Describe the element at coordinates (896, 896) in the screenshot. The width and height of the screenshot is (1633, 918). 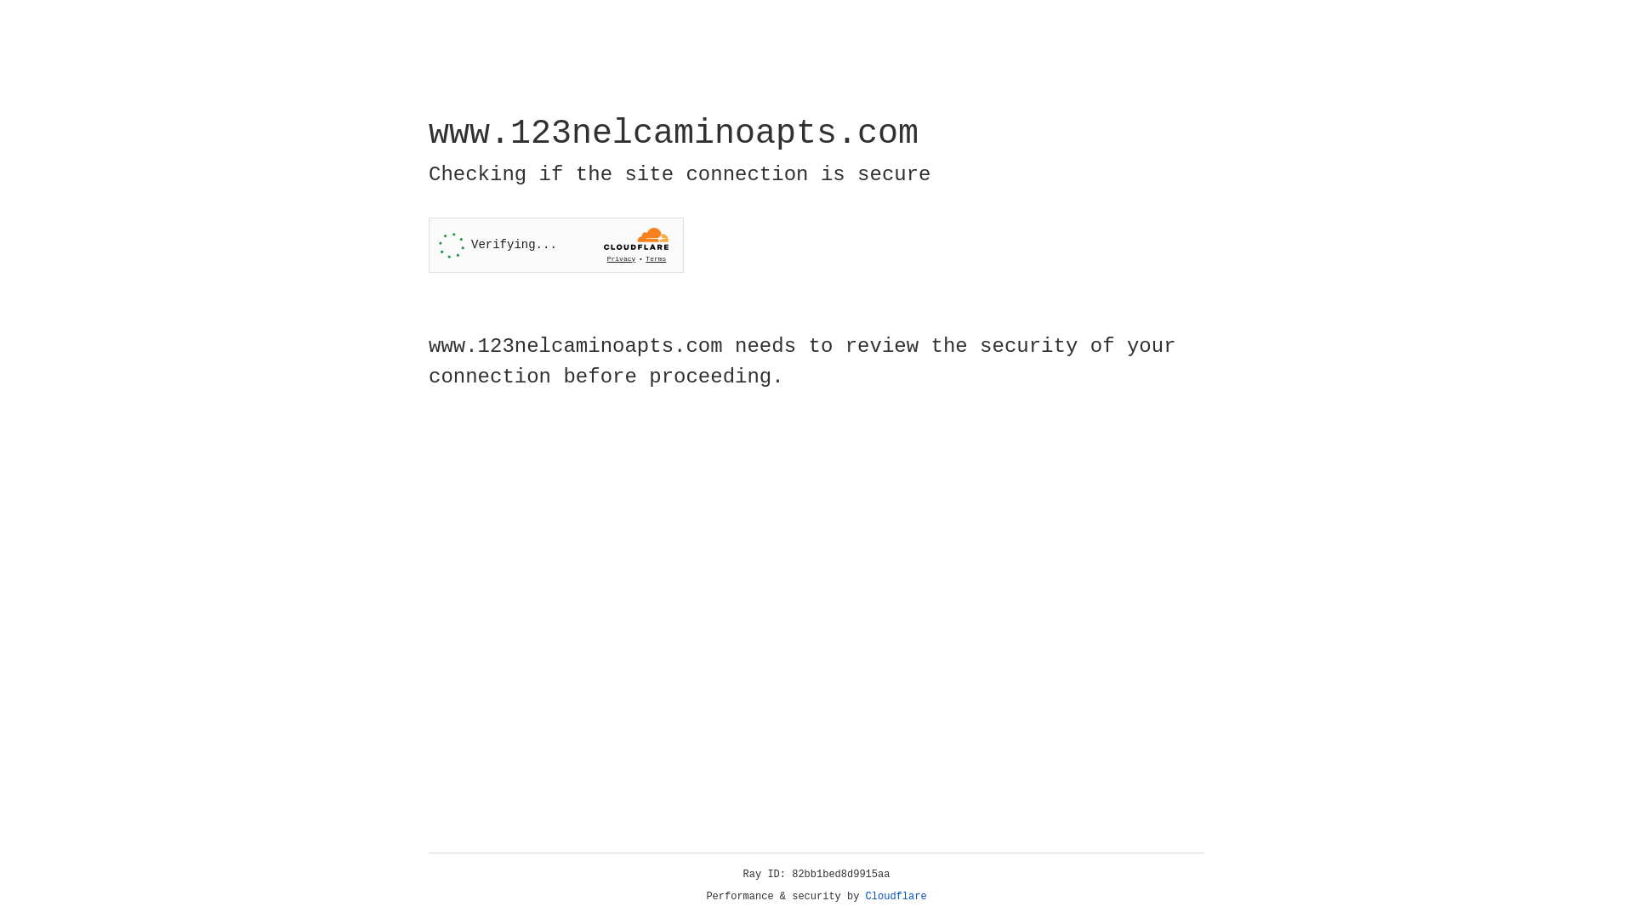
I see `'Cloudflare'` at that location.